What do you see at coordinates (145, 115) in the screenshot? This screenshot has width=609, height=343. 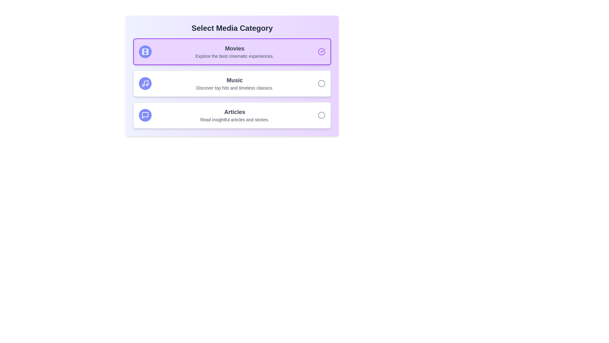 I see `the 'message' icon located in the top segment of the main options list` at bounding box center [145, 115].